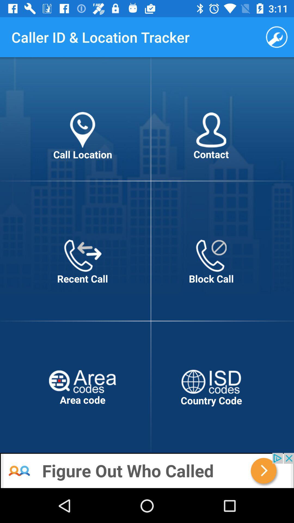 The image size is (294, 523). What do you see at coordinates (147, 470) in the screenshot?
I see `see advertisement` at bounding box center [147, 470].